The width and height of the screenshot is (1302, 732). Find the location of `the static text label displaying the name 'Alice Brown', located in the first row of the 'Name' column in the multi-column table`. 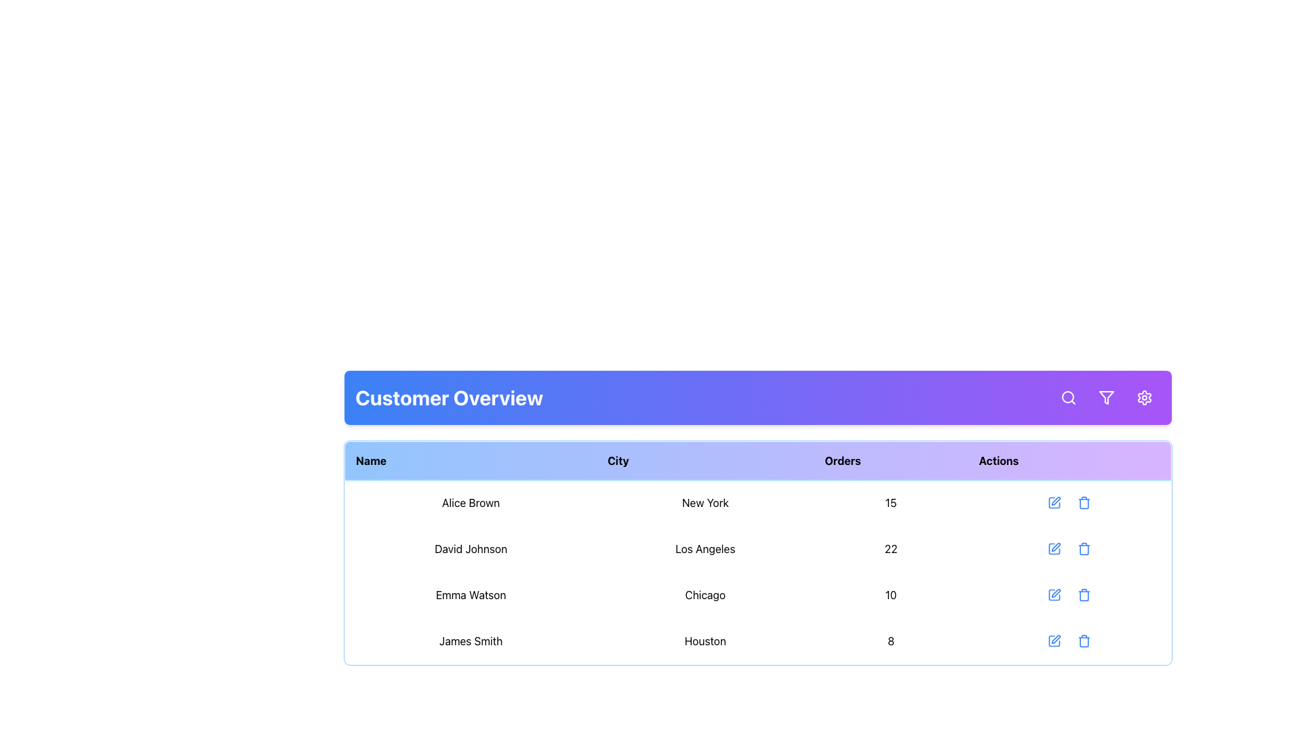

the static text label displaying the name 'Alice Brown', located in the first row of the 'Name' column in the multi-column table is located at coordinates (471, 502).